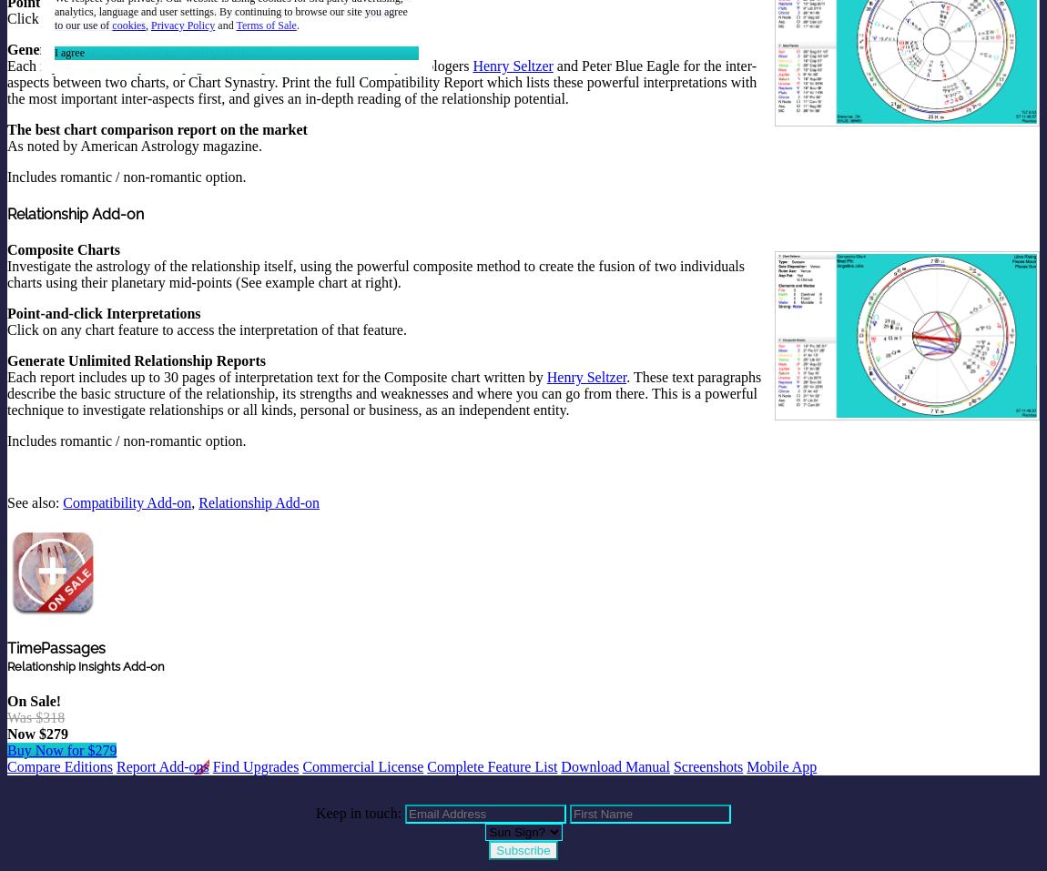  Describe the element at coordinates (126, 501) in the screenshot. I see `'Compatibility Add-on'` at that location.